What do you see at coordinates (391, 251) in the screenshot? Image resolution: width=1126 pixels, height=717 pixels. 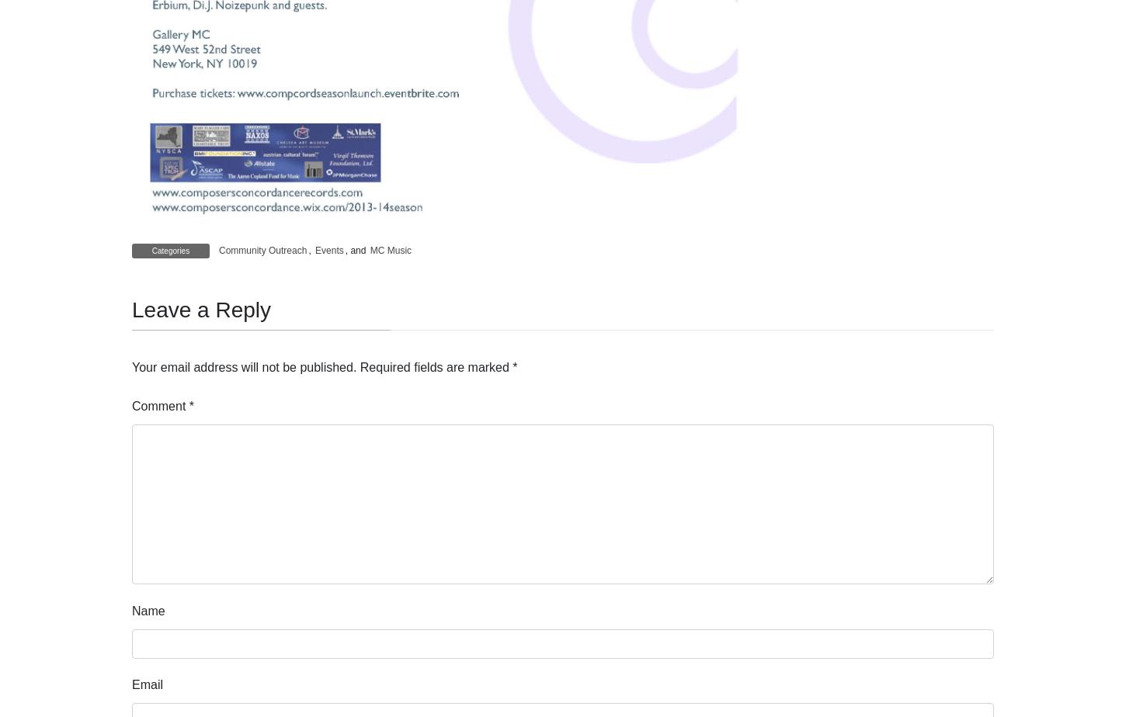 I see `'MC Music'` at bounding box center [391, 251].